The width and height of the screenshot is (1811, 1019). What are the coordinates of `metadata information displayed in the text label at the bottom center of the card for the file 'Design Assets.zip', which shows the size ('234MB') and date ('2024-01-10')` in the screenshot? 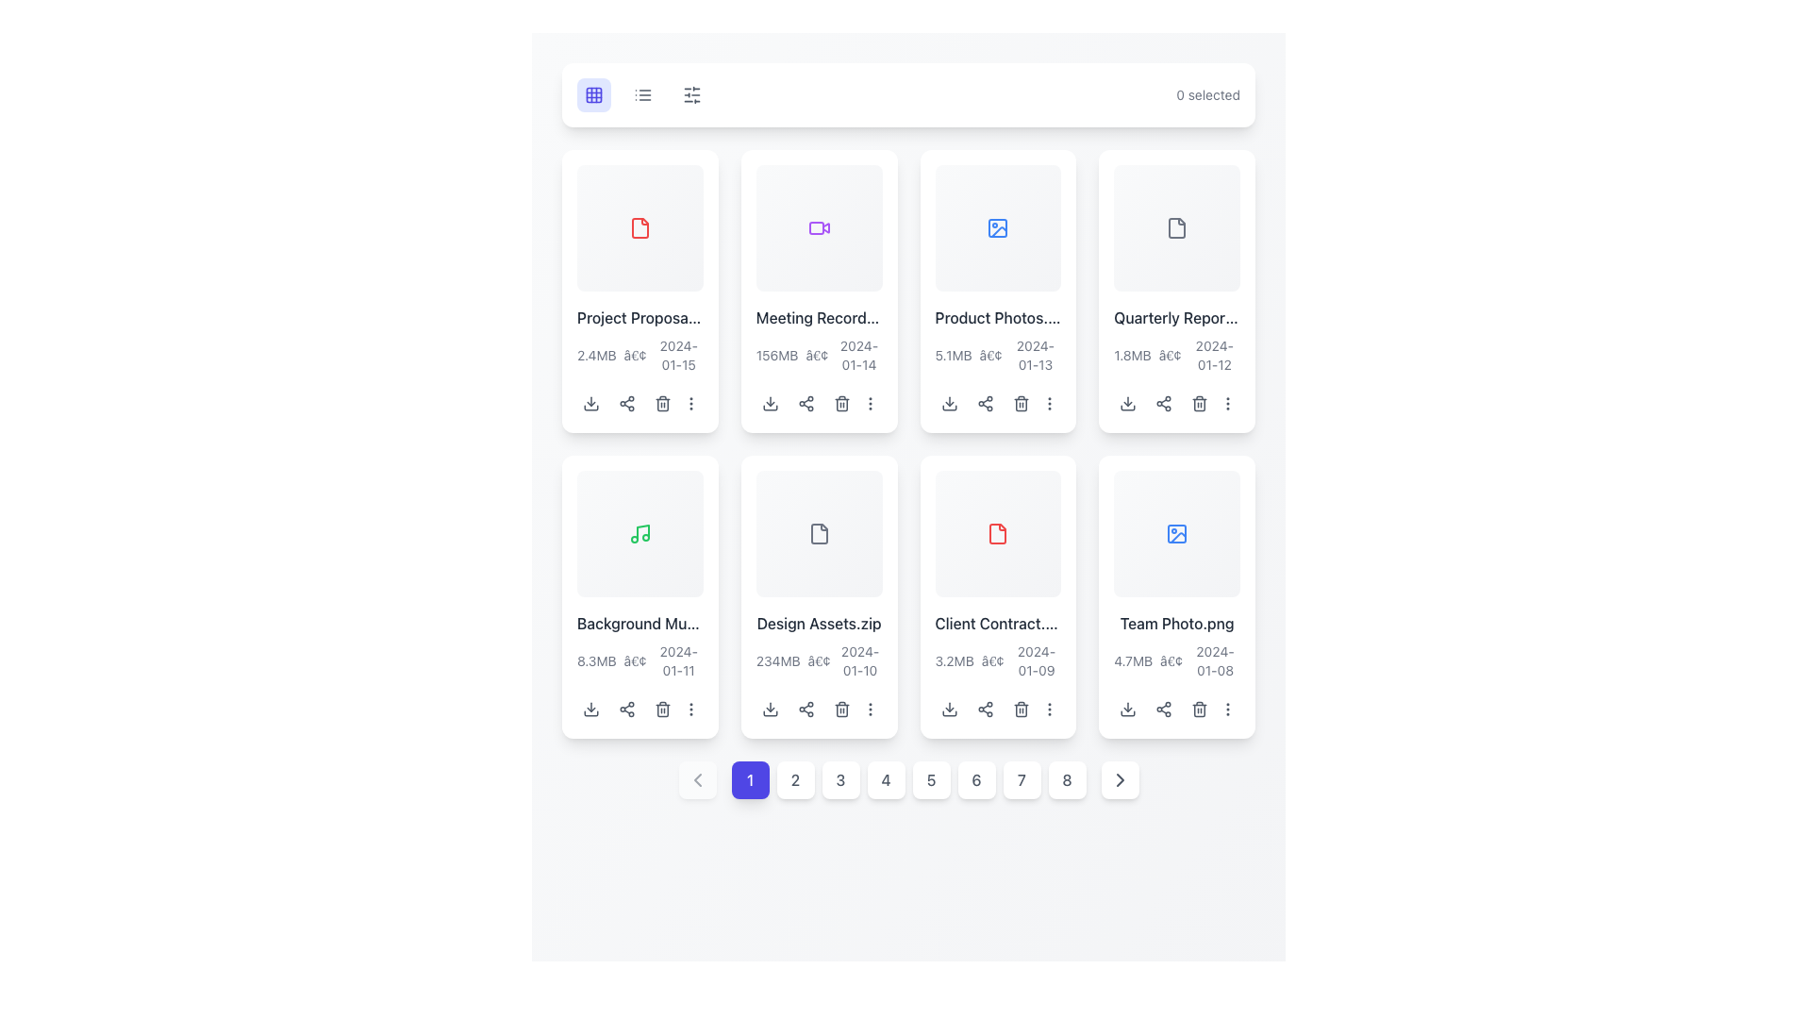 It's located at (819, 660).